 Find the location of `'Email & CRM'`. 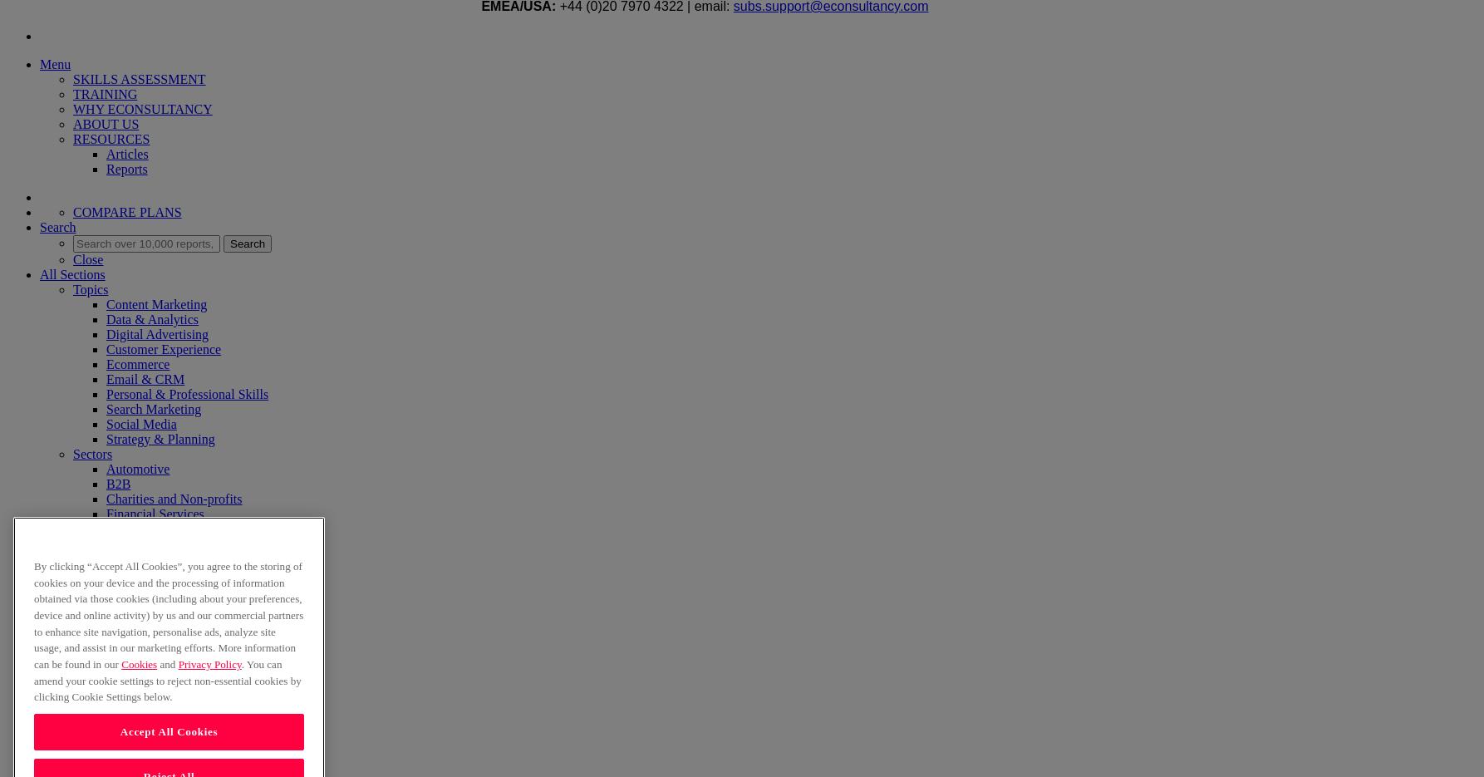

'Email & CRM' is located at coordinates (145, 378).